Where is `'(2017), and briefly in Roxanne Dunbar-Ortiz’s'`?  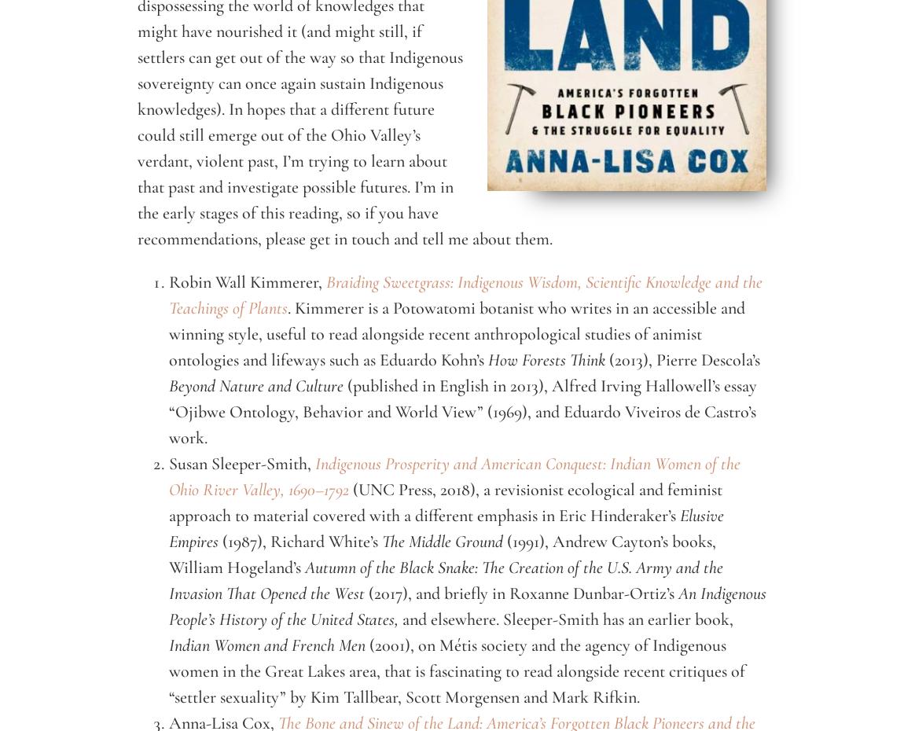
'(2017), and briefly in Roxanne Dunbar-Ortiz’s' is located at coordinates (368, 593).